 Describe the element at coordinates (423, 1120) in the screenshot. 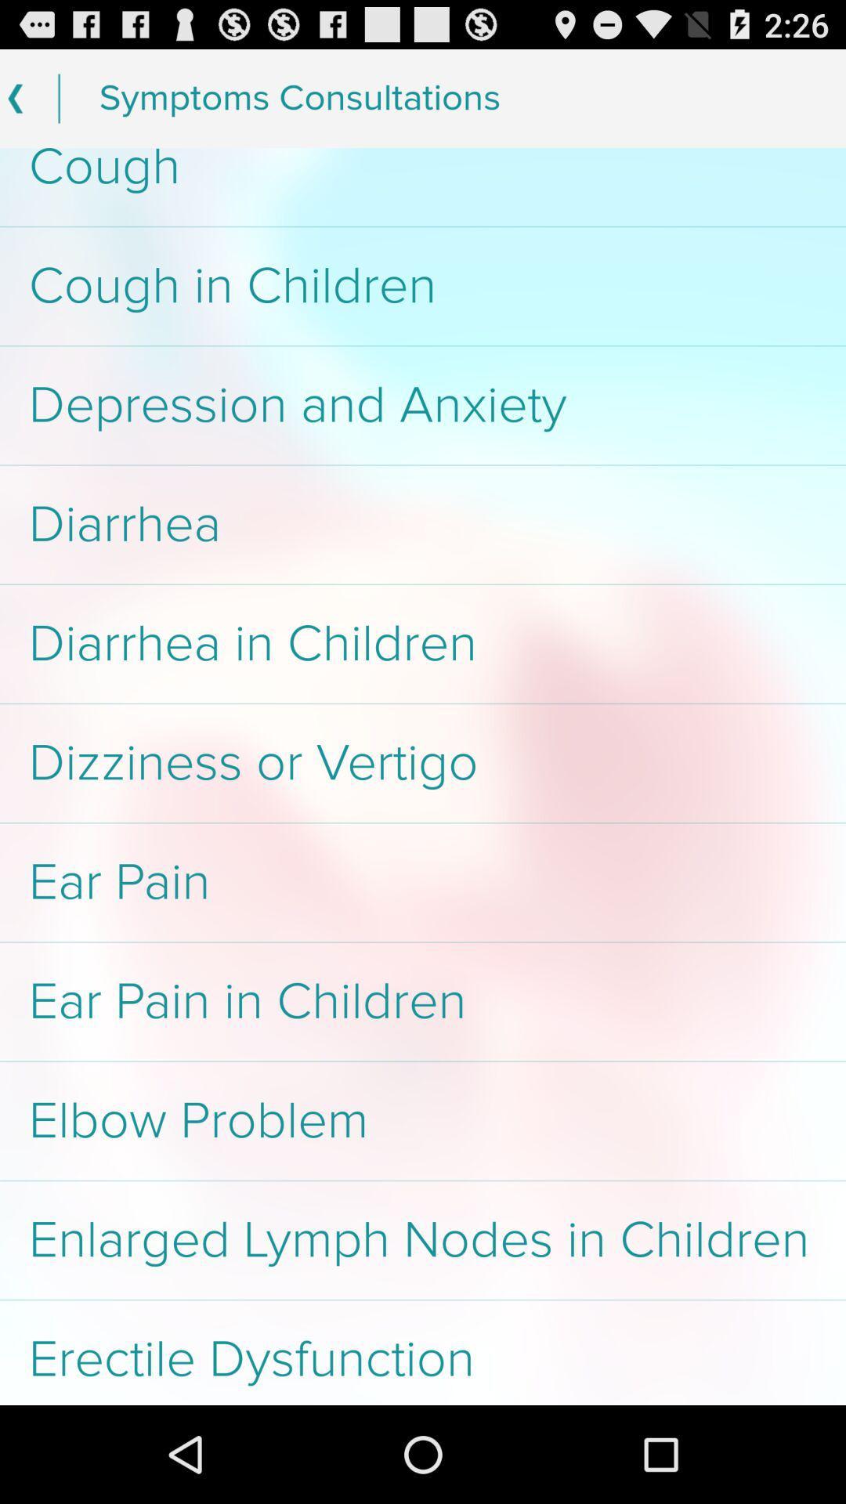

I see `the icon below the ear pain in app` at that location.